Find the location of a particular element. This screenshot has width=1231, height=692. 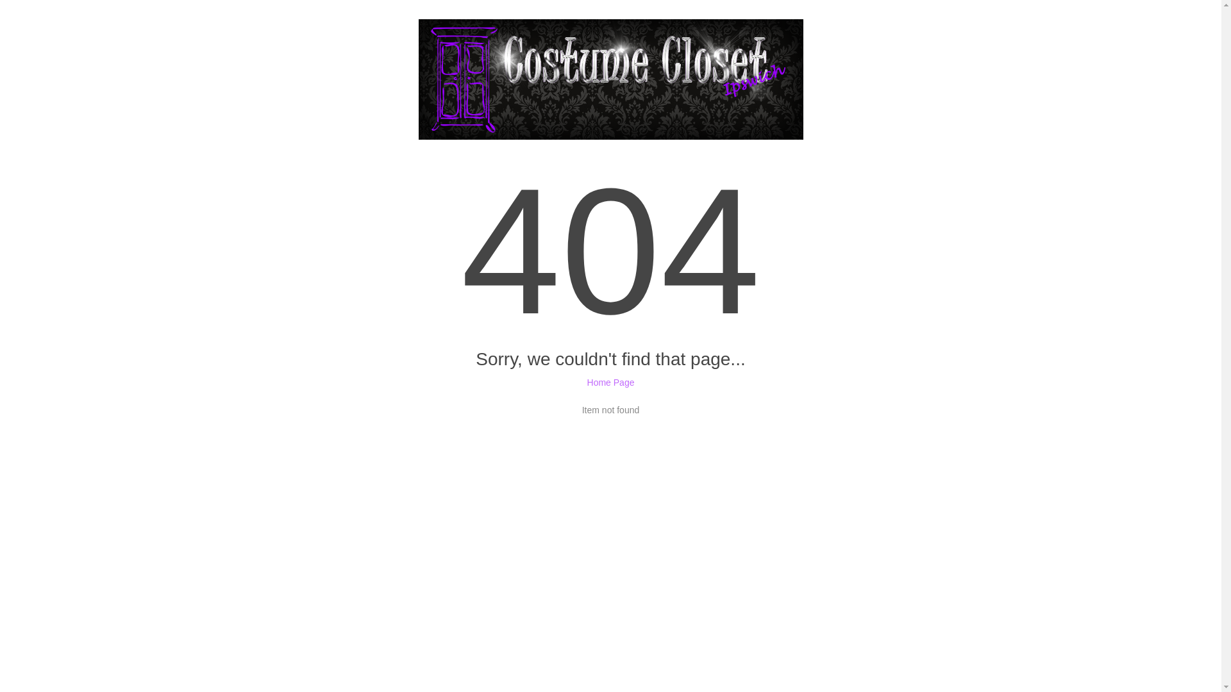

'Home Page' is located at coordinates (610, 382).